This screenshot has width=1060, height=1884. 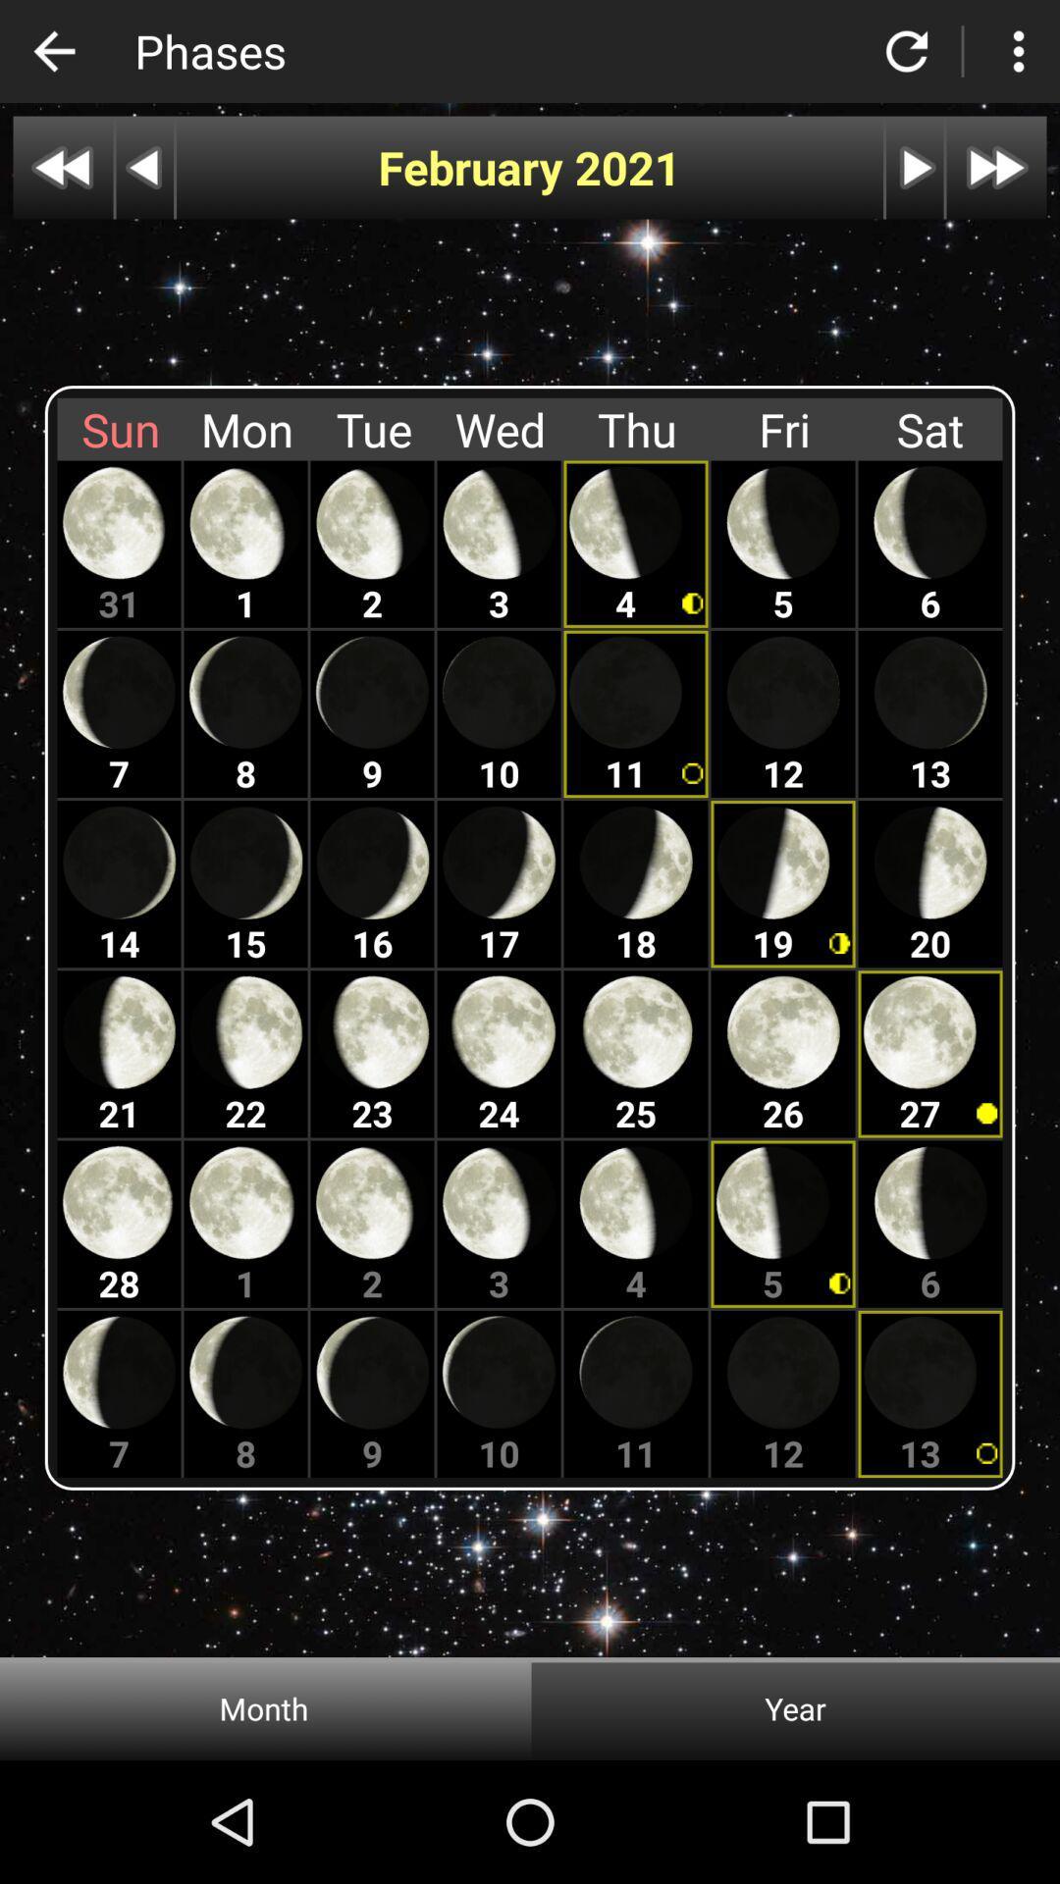 What do you see at coordinates (996, 168) in the screenshot?
I see `next page` at bounding box center [996, 168].